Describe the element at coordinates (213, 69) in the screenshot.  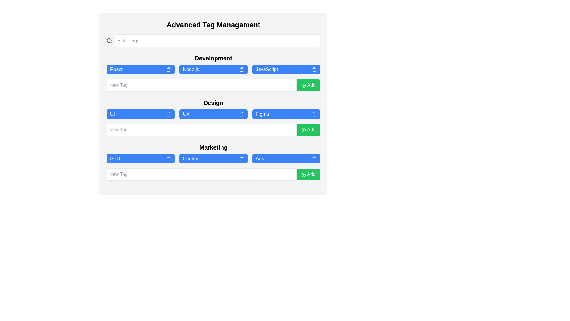
I see `the blue rectangular button labeled 'Node.js'` at that location.